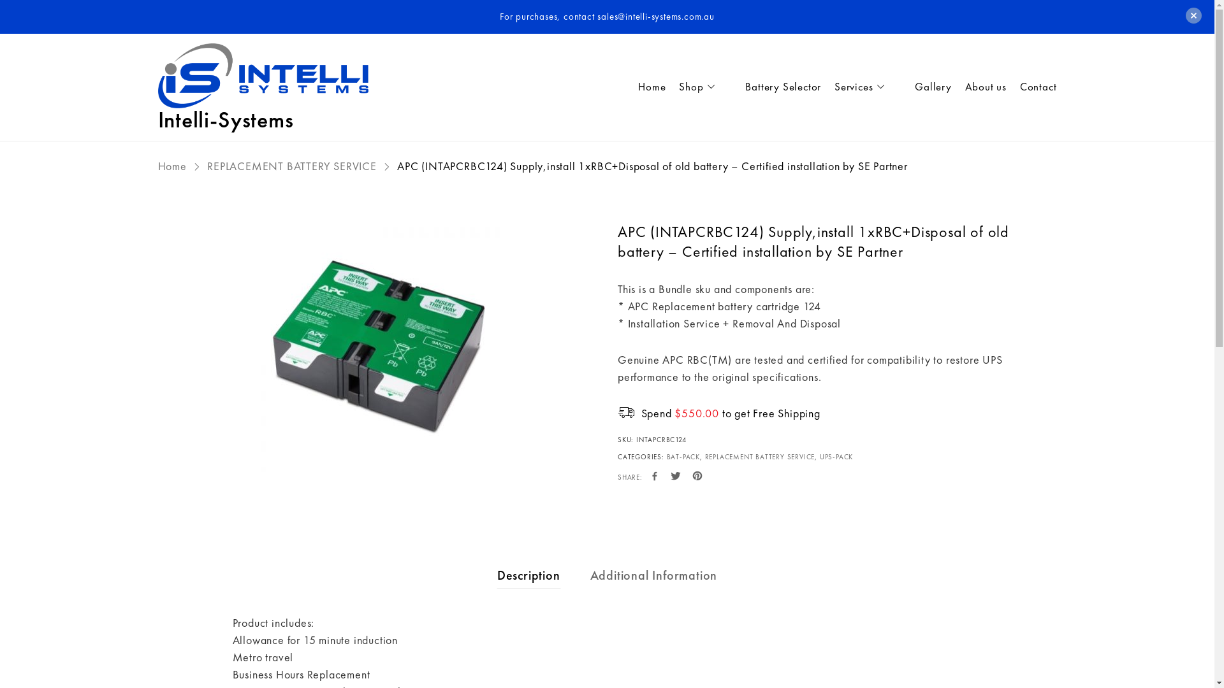 The image size is (1224, 688). What do you see at coordinates (861, 87) in the screenshot?
I see `'Services'` at bounding box center [861, 87].